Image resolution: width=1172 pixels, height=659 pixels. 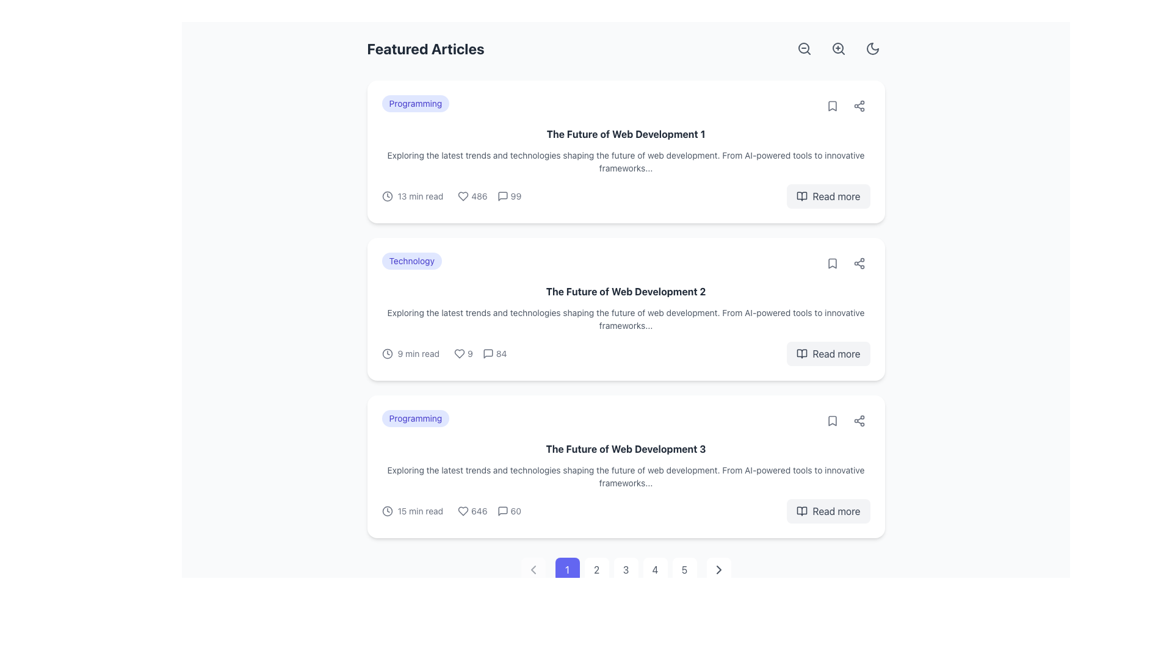 I want to click on text header 'Featured Articles' which is a bold, large-sized label in dark gray color, located at the upper-left section of the content area, so click(x=425, y=48).